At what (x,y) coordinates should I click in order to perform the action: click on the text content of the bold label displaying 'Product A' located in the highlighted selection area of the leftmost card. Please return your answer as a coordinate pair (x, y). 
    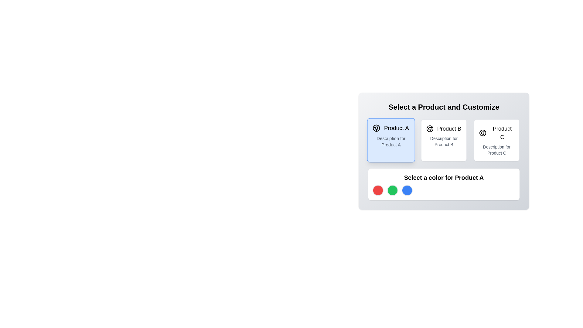
    Looking at the image, I should click on (396, 128).